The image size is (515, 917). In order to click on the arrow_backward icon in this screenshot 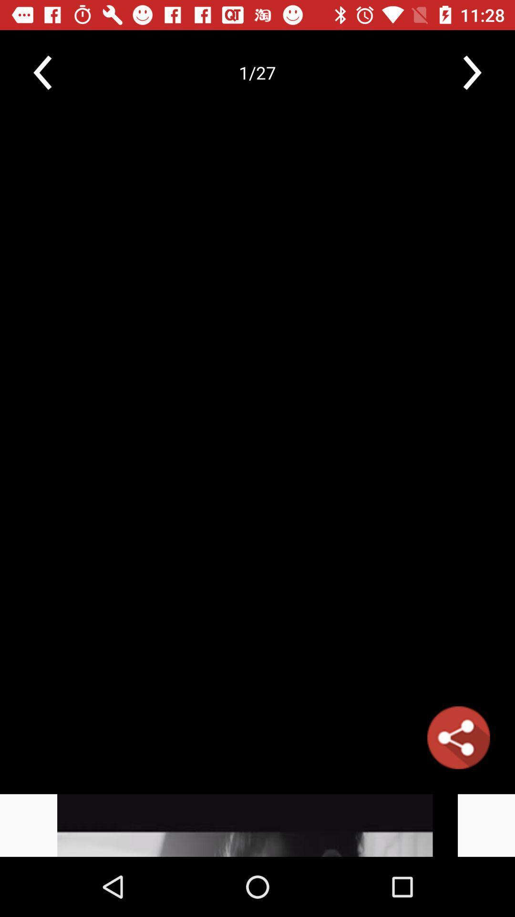, I will do `click(42, 72)`.